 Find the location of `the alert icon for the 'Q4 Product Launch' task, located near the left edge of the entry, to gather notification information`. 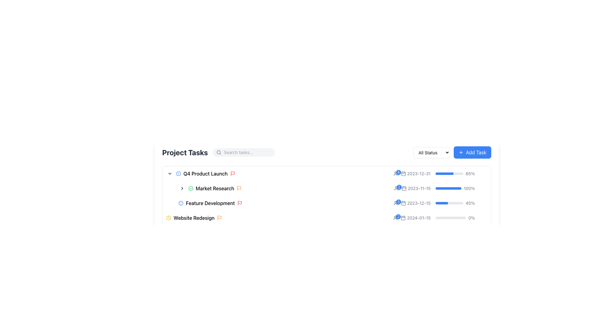

the alert icon for the 'Q4 Product Launch' task, located near the left edge of the entry, to gather notification information is located at coordinates (178, 173).